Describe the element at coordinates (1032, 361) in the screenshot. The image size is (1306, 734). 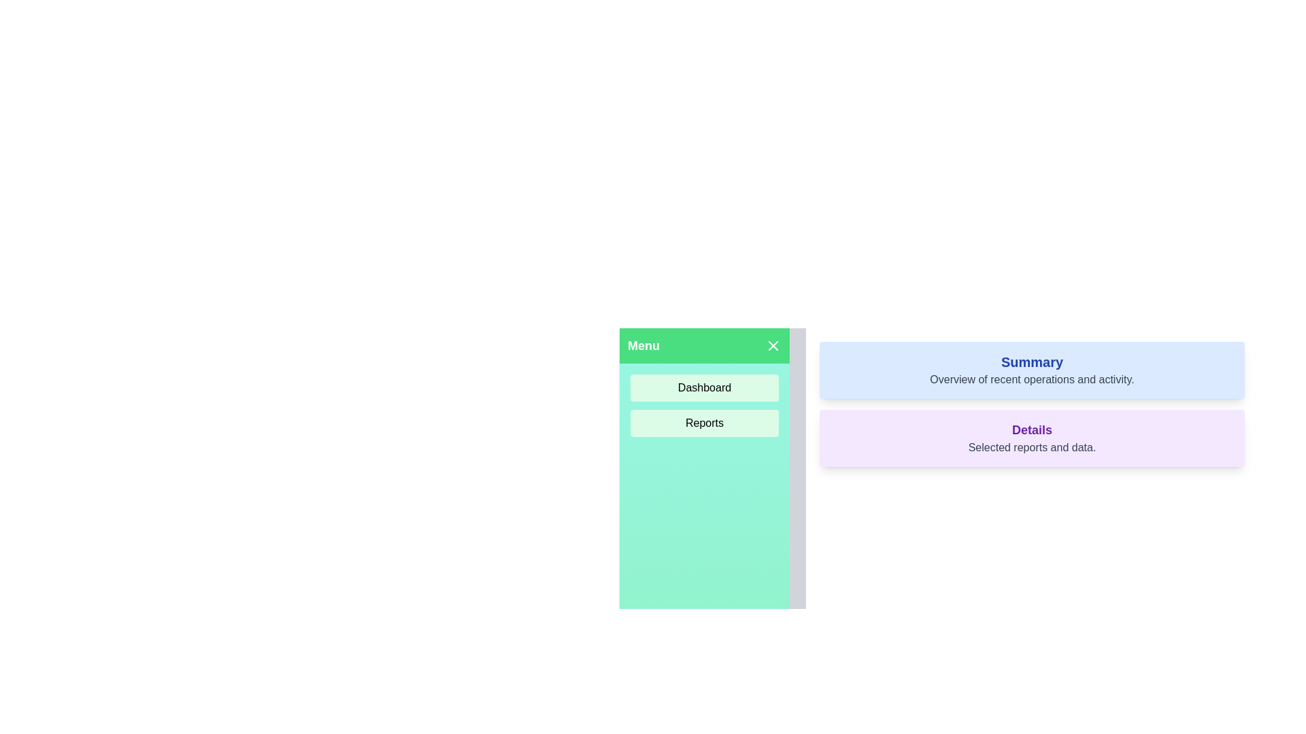
I see `the Text Header element, which indicates the content below pertains to a summary of operations or activities, located within a blue background box near the center-right of the layout` at that location.